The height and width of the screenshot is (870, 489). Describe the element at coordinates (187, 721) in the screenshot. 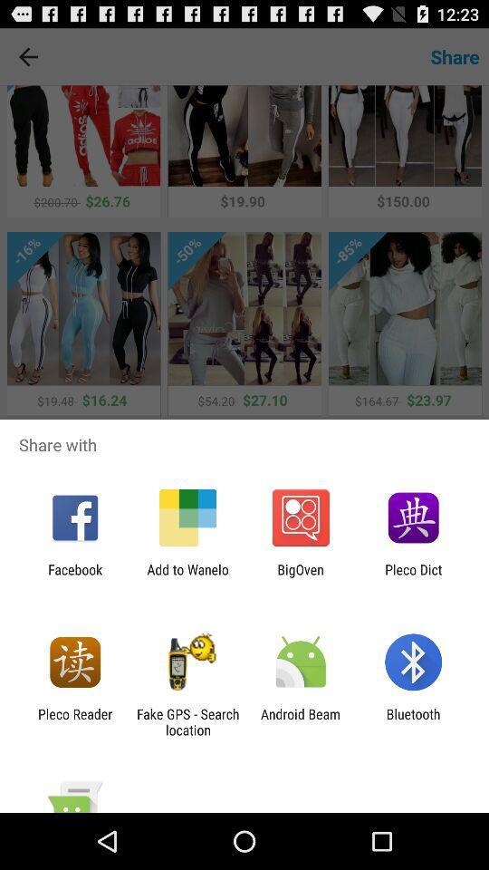

I see `app to the right of pleco reader item` at that location.